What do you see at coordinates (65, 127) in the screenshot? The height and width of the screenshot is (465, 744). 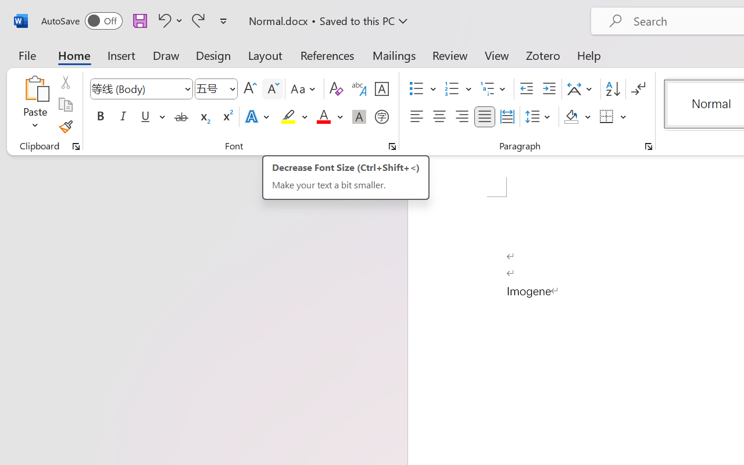 I see `'Format Painter'` at bounding box center [65, 127].